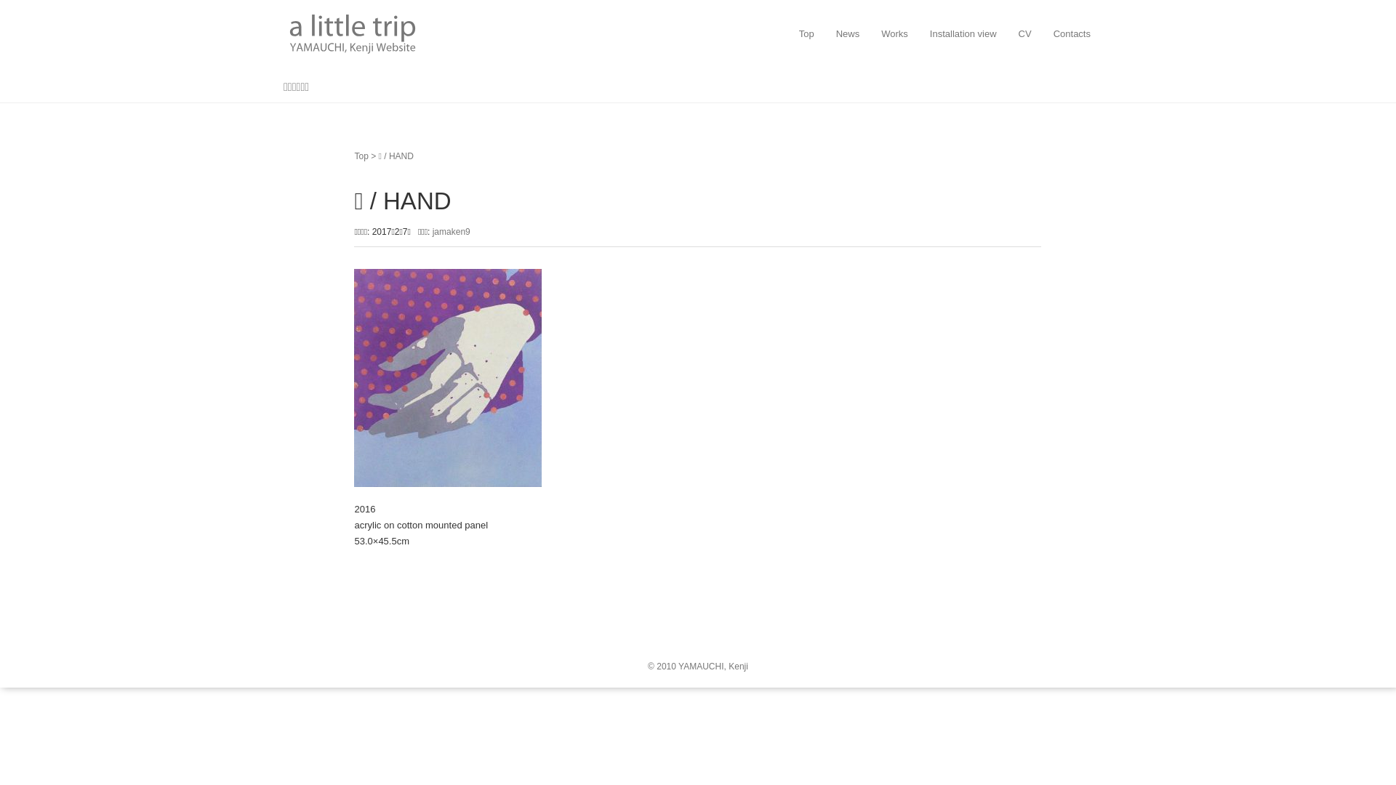  What do you see at coordinates (450, 231) in the screenshot?
I see `'jamaken9'` at bounding box center [450, 231].